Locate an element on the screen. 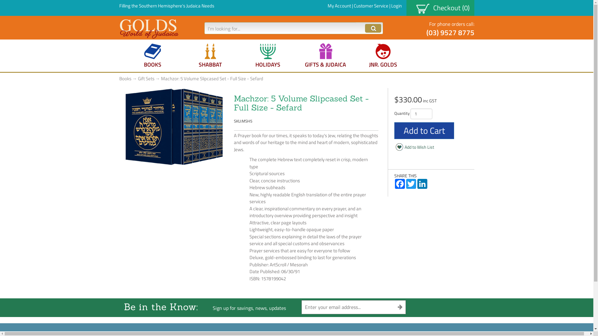 The height and width of the screenshot is (336, 598). 'GIFTS & JUDAICA' is located at coordinates (301, 55).